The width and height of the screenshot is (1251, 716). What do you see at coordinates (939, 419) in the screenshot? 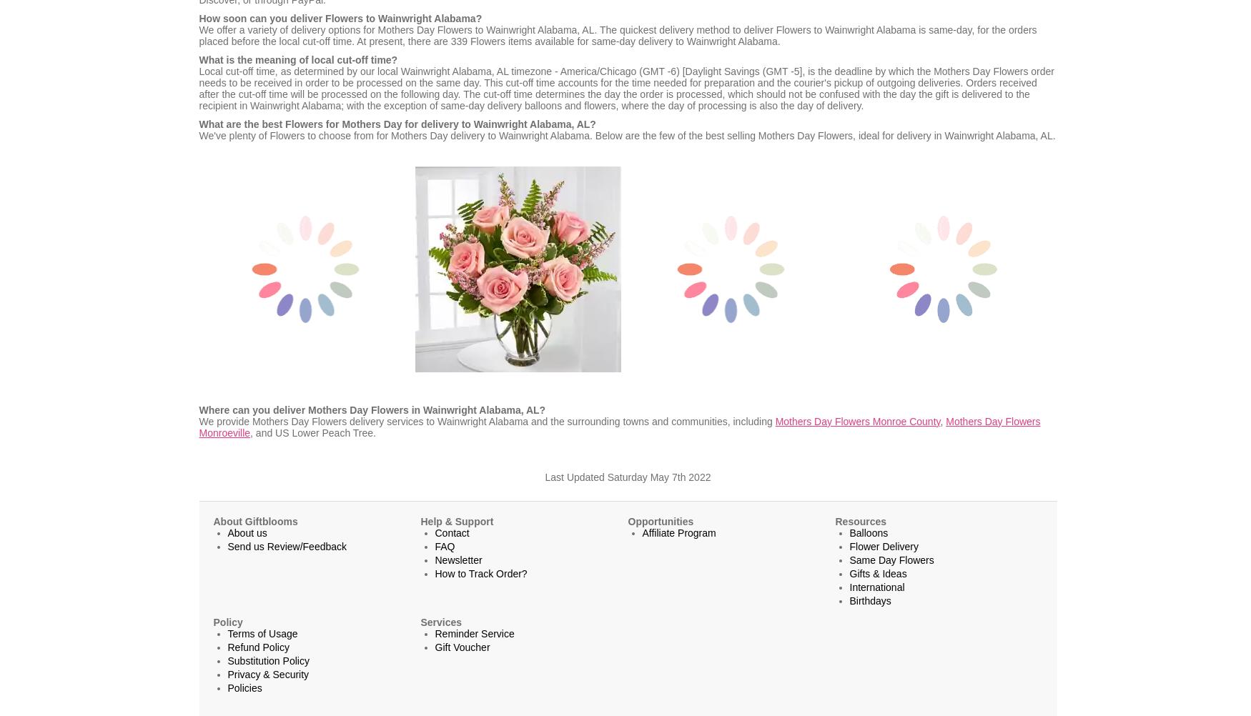
I see `','` at bounding box center [939, 419].